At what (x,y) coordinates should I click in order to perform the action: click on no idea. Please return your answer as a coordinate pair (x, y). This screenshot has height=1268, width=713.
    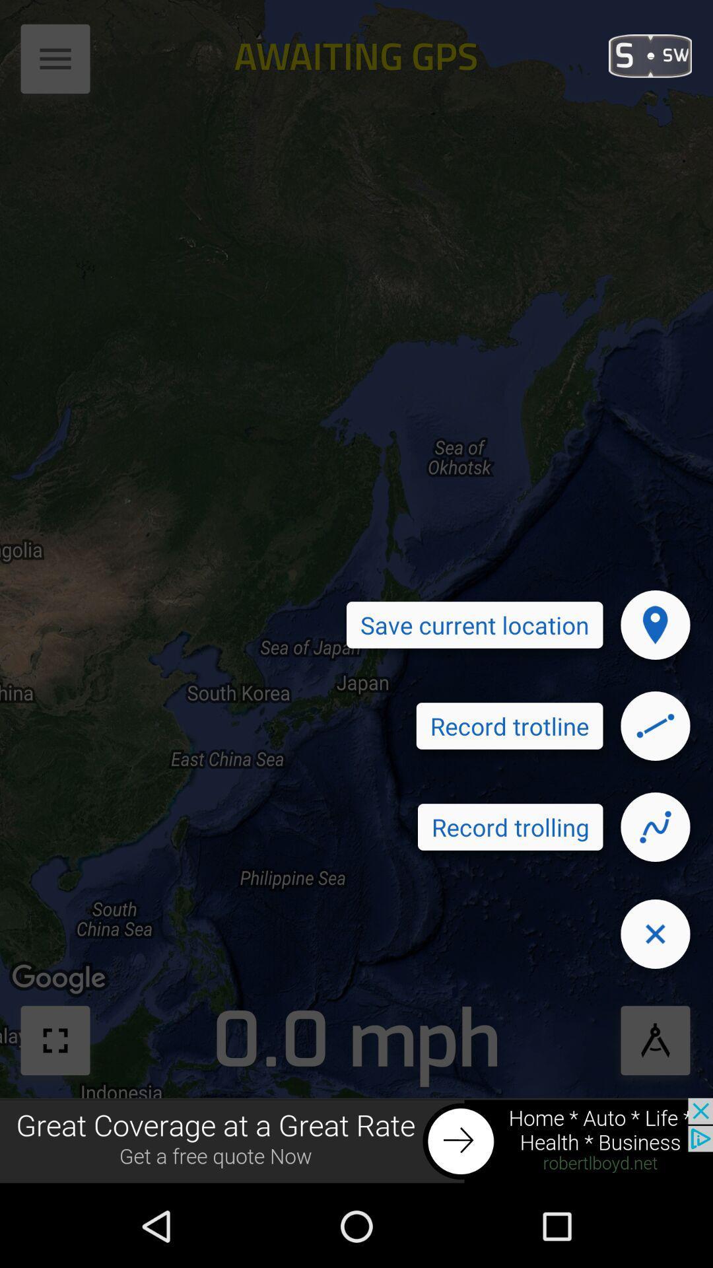
    Looking at the image, I should click on (655, 725).